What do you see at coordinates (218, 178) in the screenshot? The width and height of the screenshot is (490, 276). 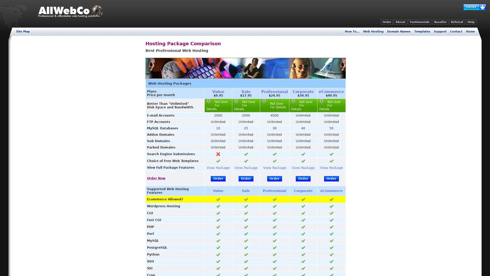 I see `Order` at bounding box center [218, 178].